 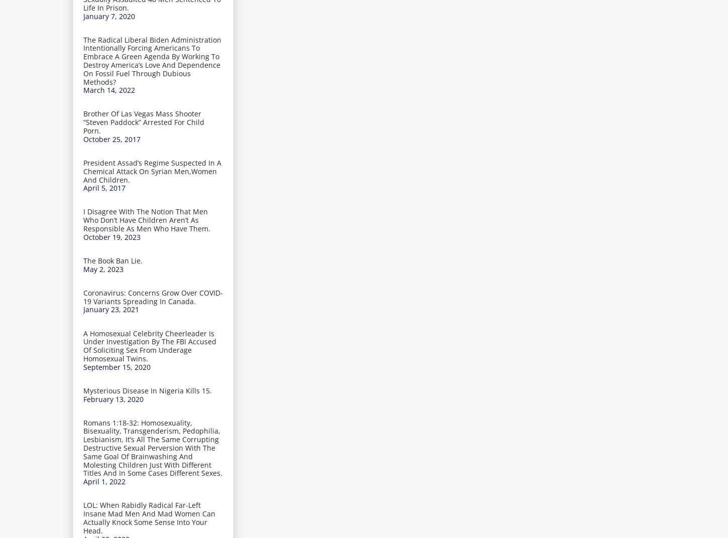 What do you see at coordinates (110, 309) in the screenshot?
I see `'January 23, 2021'` at bounding box center [110, 309].